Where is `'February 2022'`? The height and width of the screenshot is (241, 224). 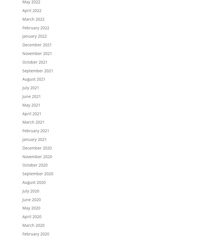
'February 2022' is located at coordinates (36, 27).